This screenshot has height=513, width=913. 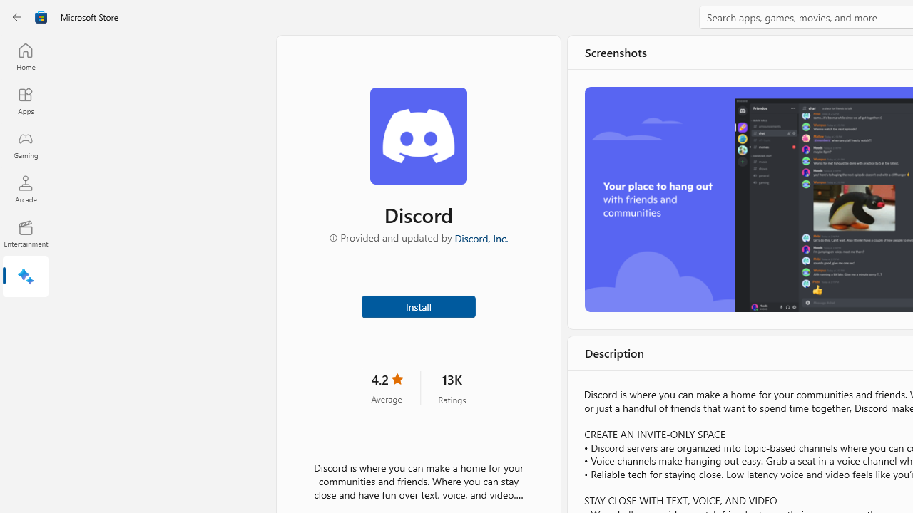 What do you see at coordinates (480, 237) in the screenshot?
I see `'Discord, Inc.'` at bounding box center [480, 237].